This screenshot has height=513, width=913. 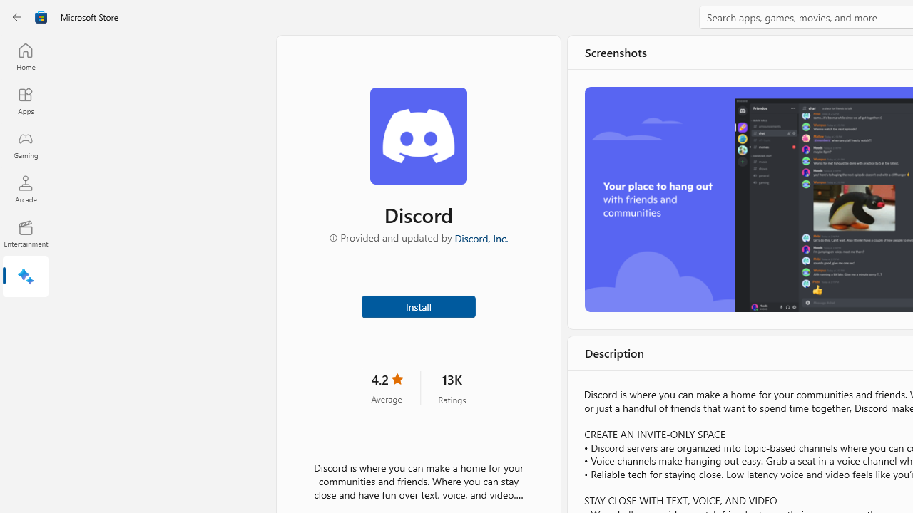 What do you see at coordinates (480, 237) in the screenshot?
I see `'Discord, Inc.'` at bounding box center [480, 237].